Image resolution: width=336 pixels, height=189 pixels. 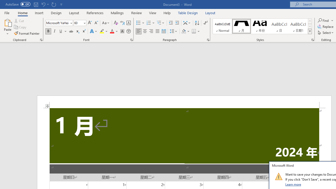 I want to click on 'Text Highlight Color', so click(x=104, y=31).